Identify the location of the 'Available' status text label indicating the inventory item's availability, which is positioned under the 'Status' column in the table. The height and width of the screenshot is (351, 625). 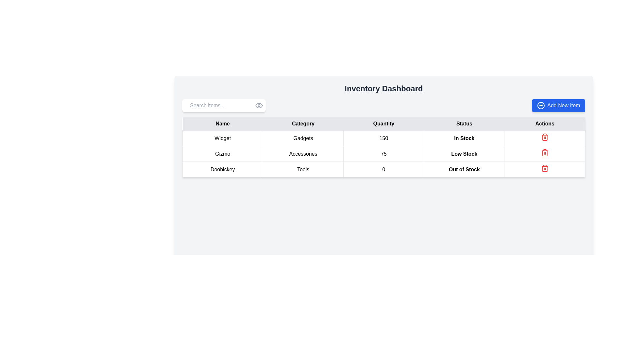
(464, 138).